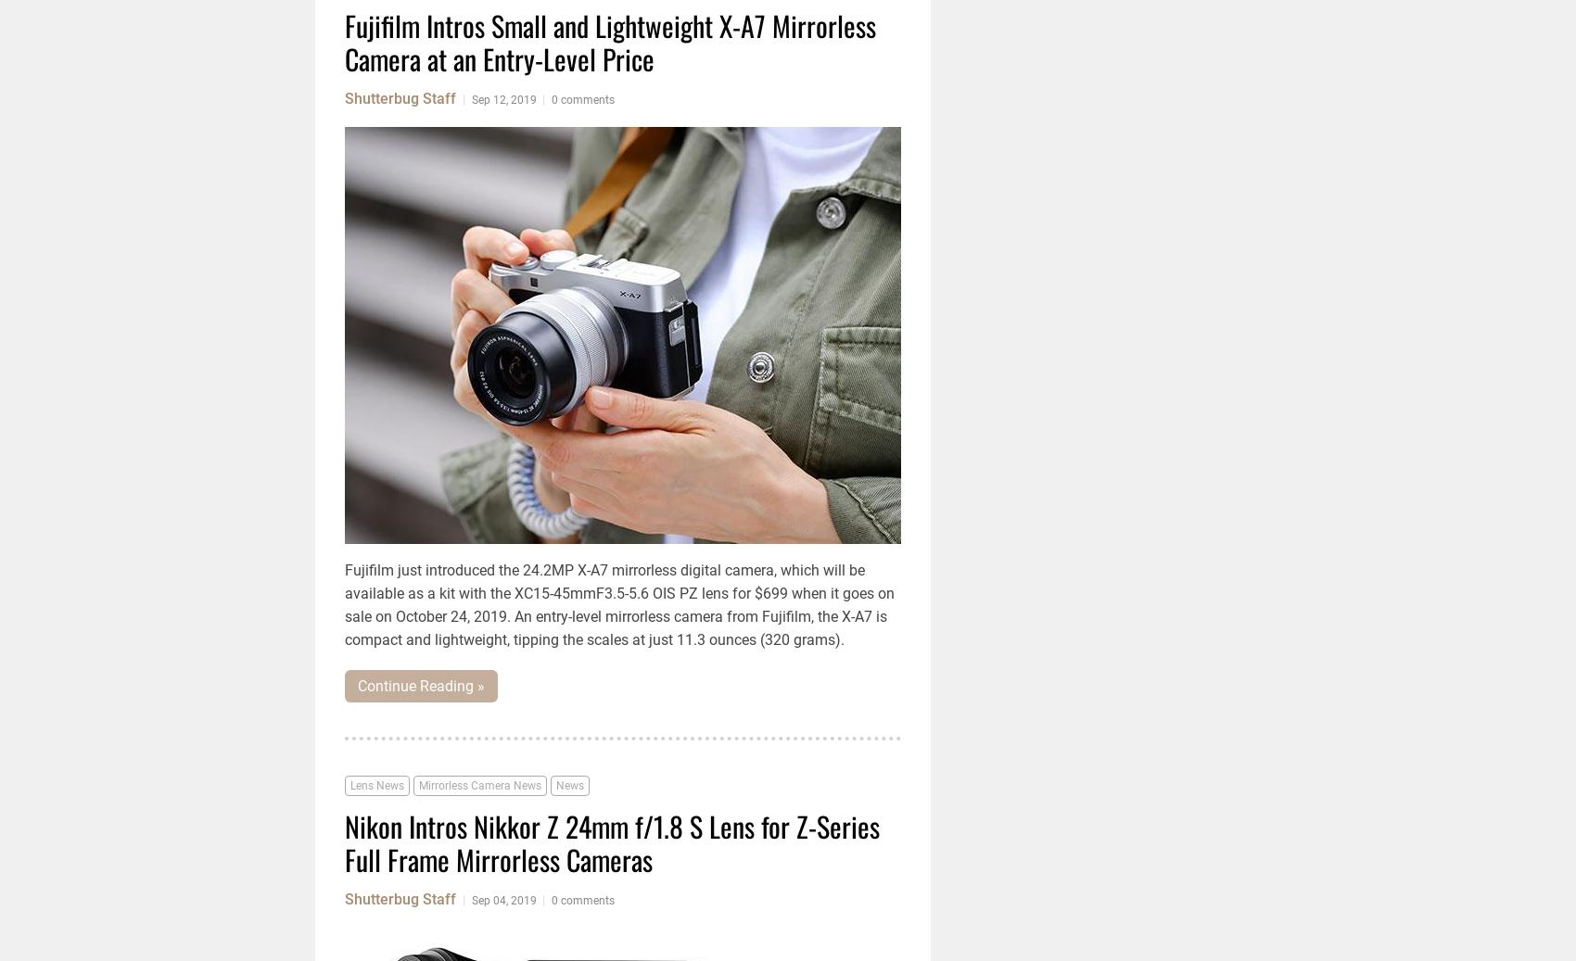  Describe the element at coordinates (357, 686) in the screenshot. I see `'Continue Reading »'` at that location.